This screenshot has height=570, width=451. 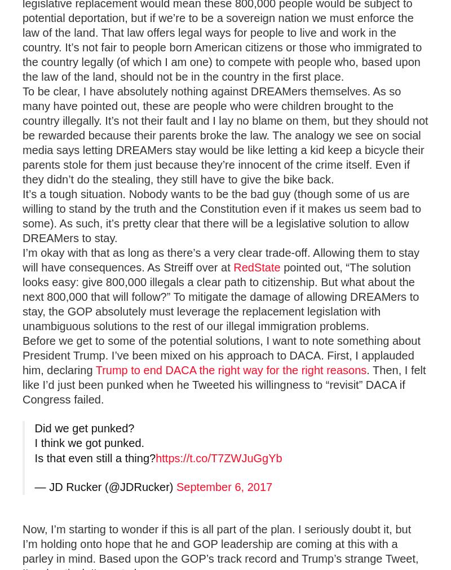 I want to click on 'Did we get punked?', so click(x=84, y=428).